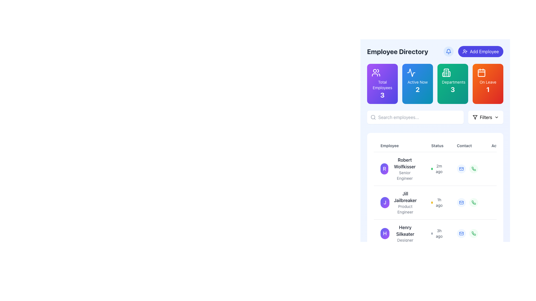 The height and width of the screenshot is (301, 536). What do you see at coordinates (473, 168) in the screenshot?
I see `the calling icon in the 'Contact' section for 'Jill Jailbreaker'` at bounding box center [473, 168].